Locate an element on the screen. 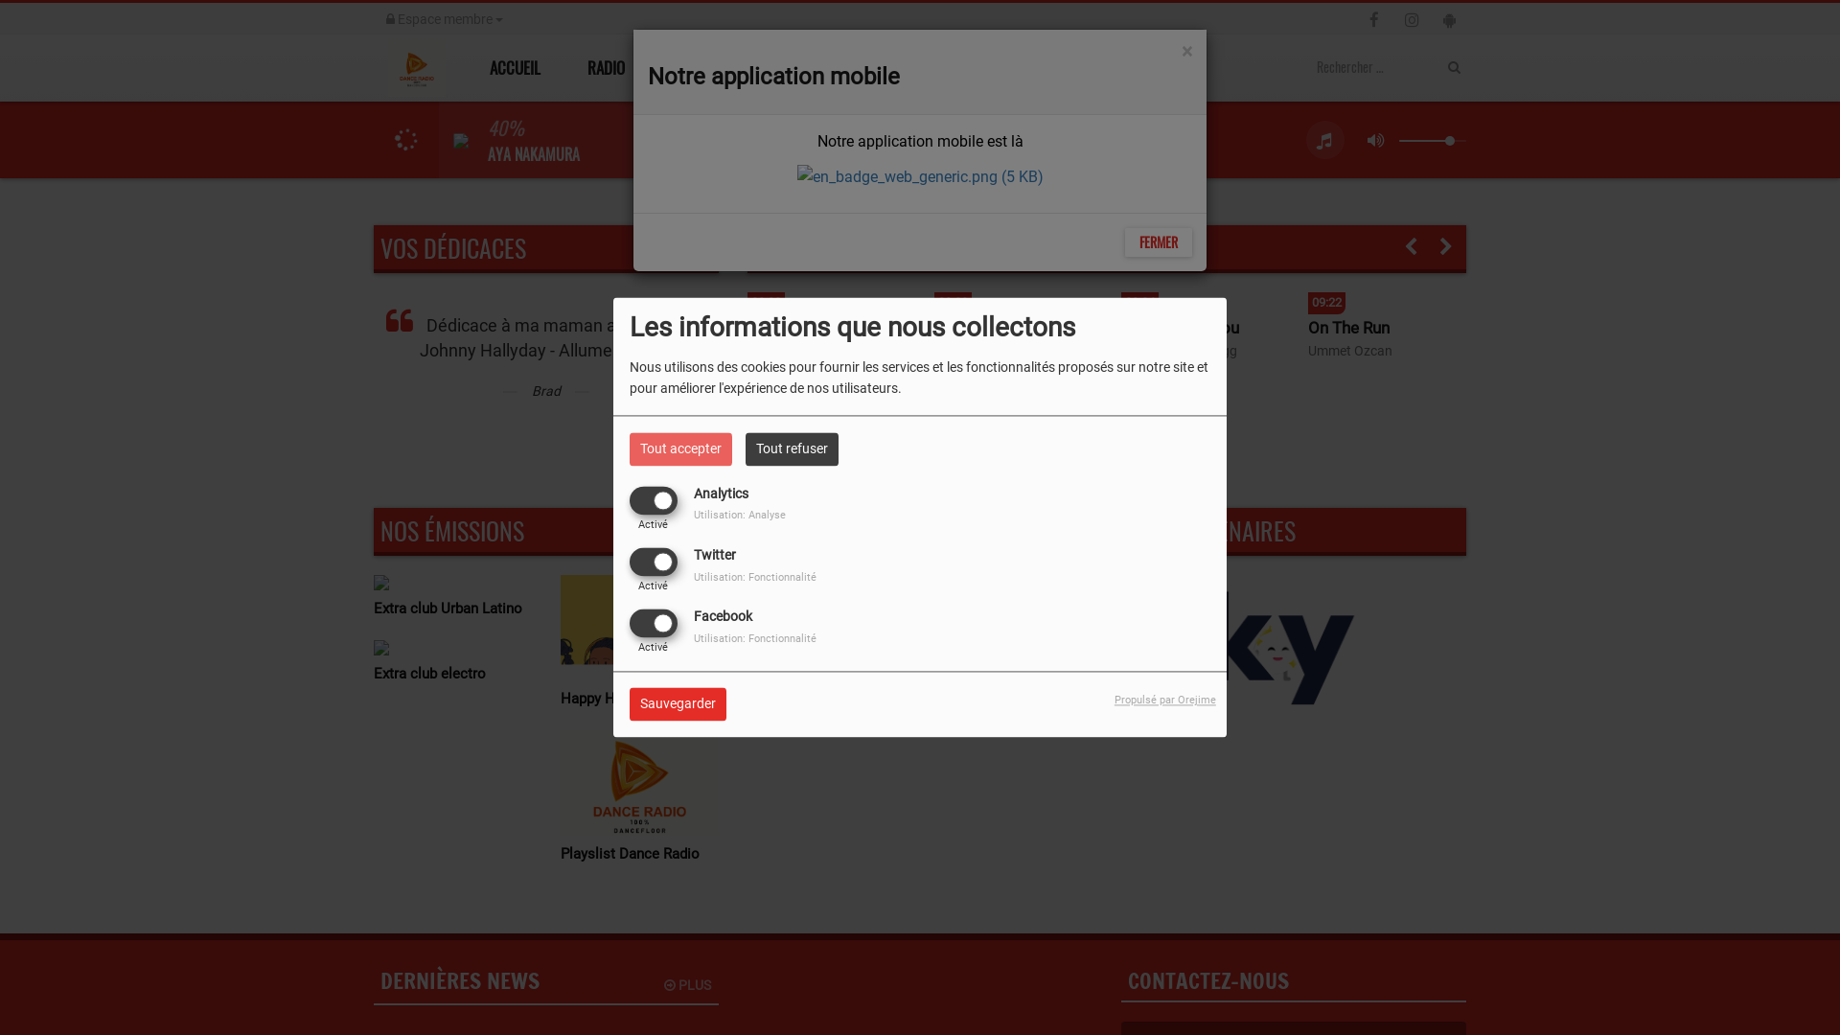  'FERMER' is located at coordinates (1158, 241).